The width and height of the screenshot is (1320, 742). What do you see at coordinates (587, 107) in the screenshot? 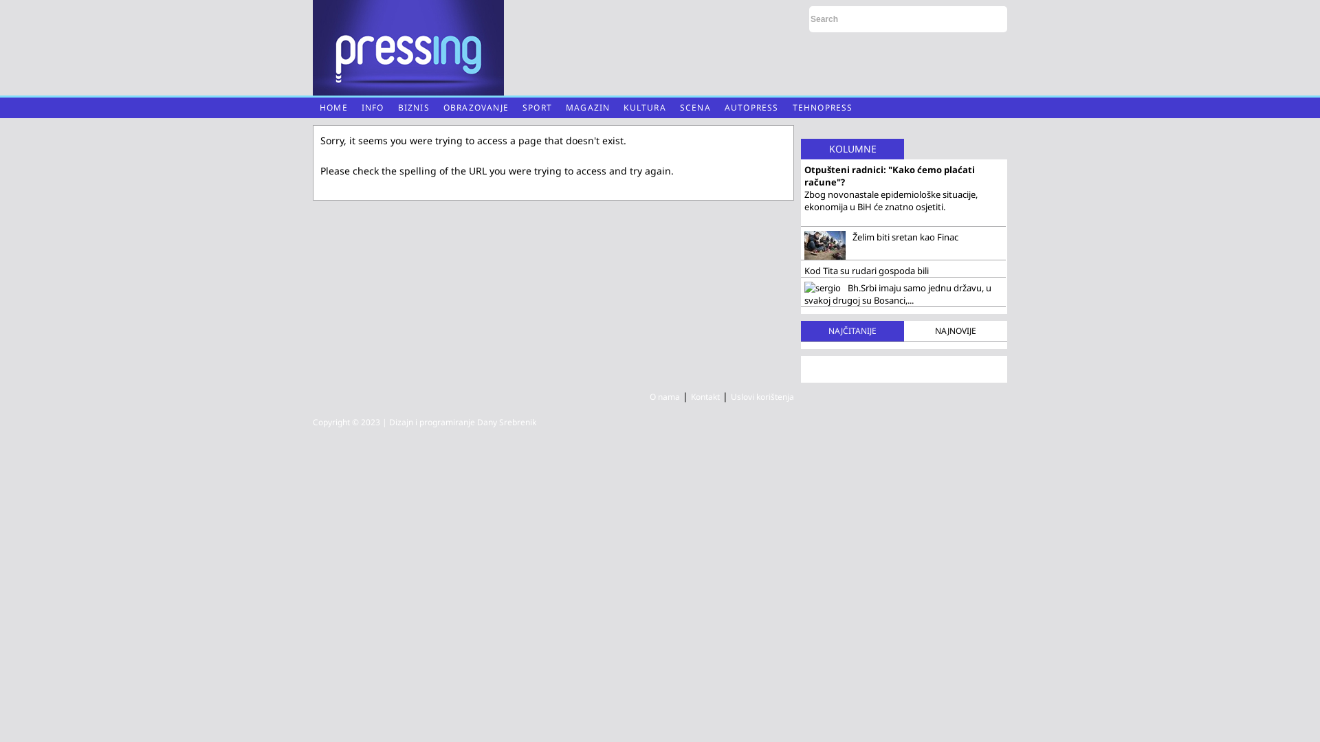
I see `'MAGAZIN'` at bounding box center [587, 107].